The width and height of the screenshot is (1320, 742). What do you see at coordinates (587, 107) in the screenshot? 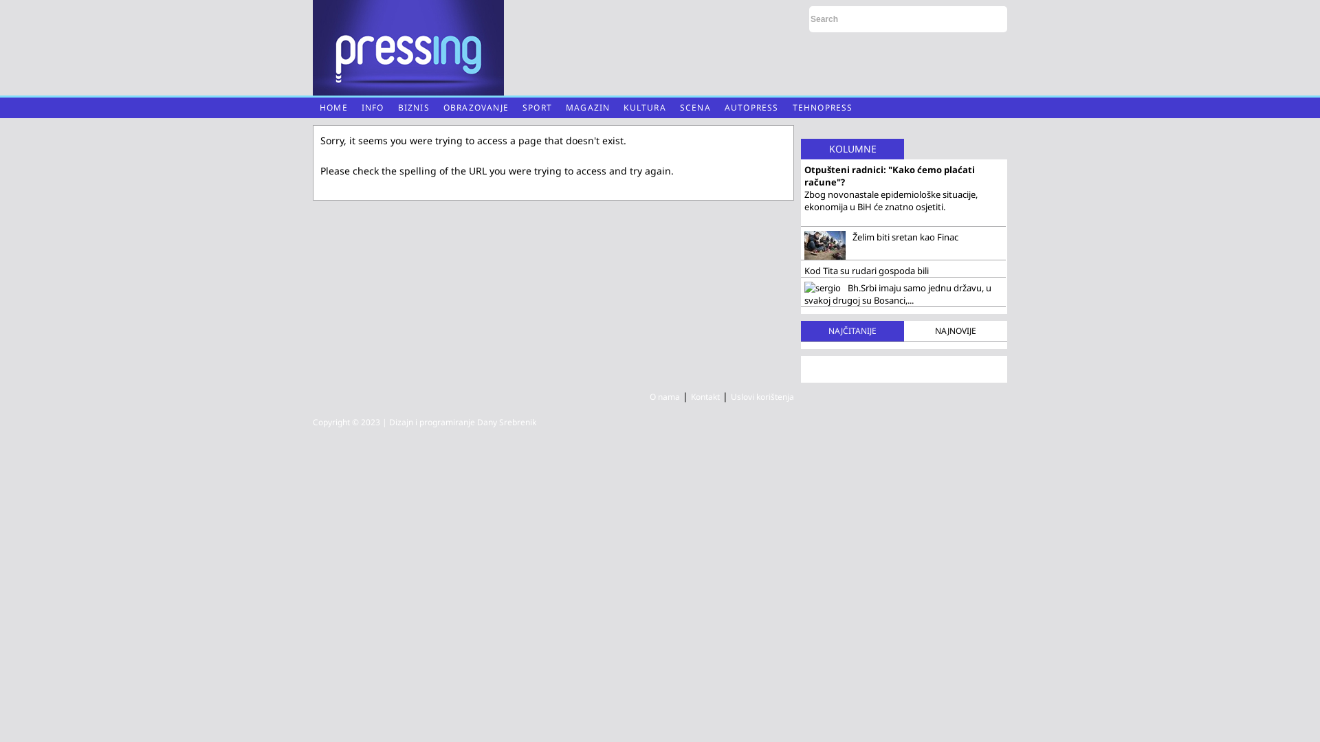
I see `'MAGAZIN'` at bounding box center [587, 107].